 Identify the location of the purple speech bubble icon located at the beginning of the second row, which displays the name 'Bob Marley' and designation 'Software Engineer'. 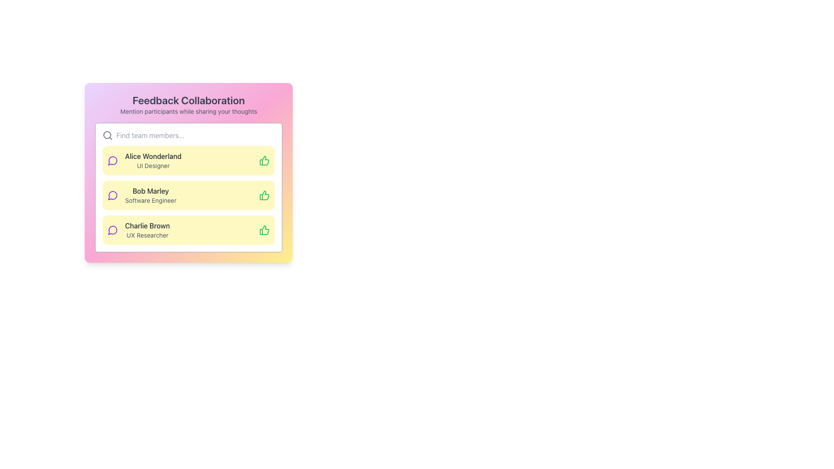
(112, 195).